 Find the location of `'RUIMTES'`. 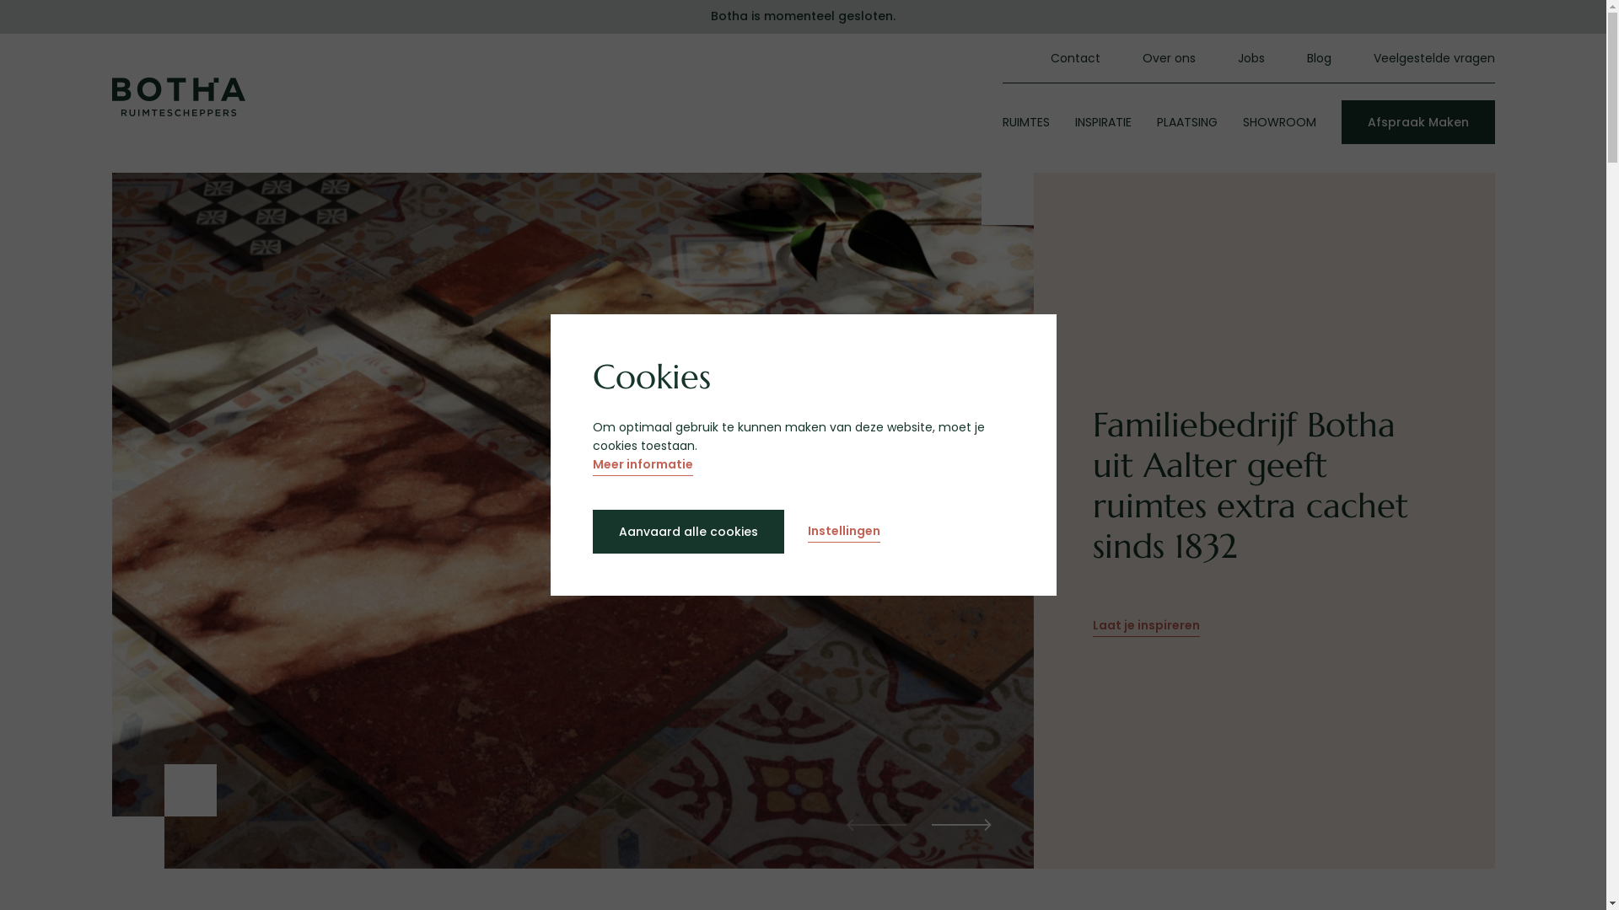

'RUIMTES' is located at coordinates (1024, 121).